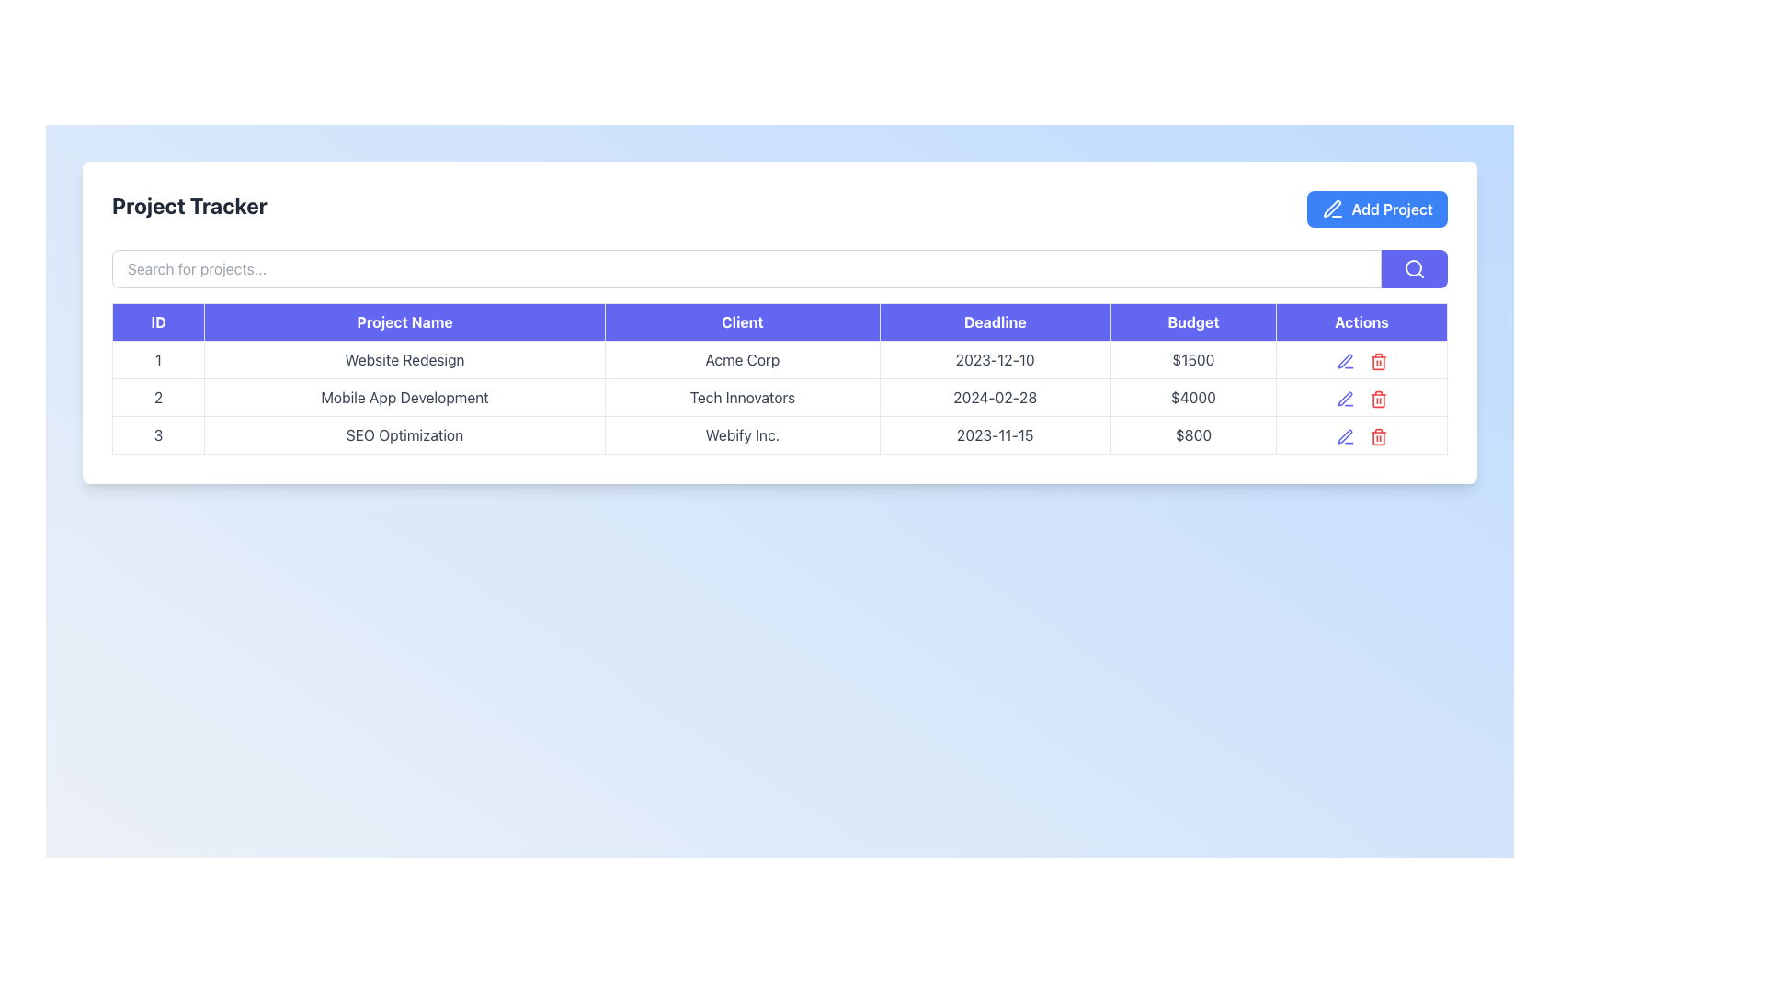 This screenshot has width=1765, height=992. I want to click on the trash bin icon located in the last row of the table under the 'Actions' column, which visually communicates the delete action, so click(1378, 400).